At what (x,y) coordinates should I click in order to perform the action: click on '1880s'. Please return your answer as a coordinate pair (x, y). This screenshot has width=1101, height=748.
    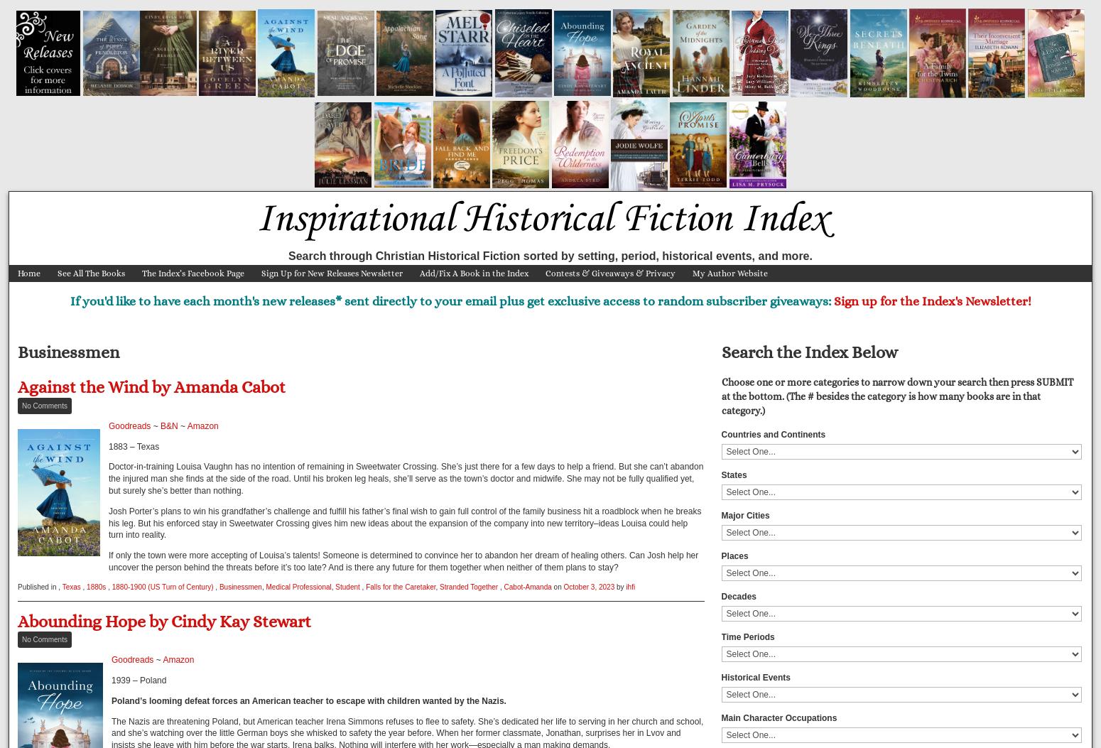
    Looking at the image, I should click on (96, 585).